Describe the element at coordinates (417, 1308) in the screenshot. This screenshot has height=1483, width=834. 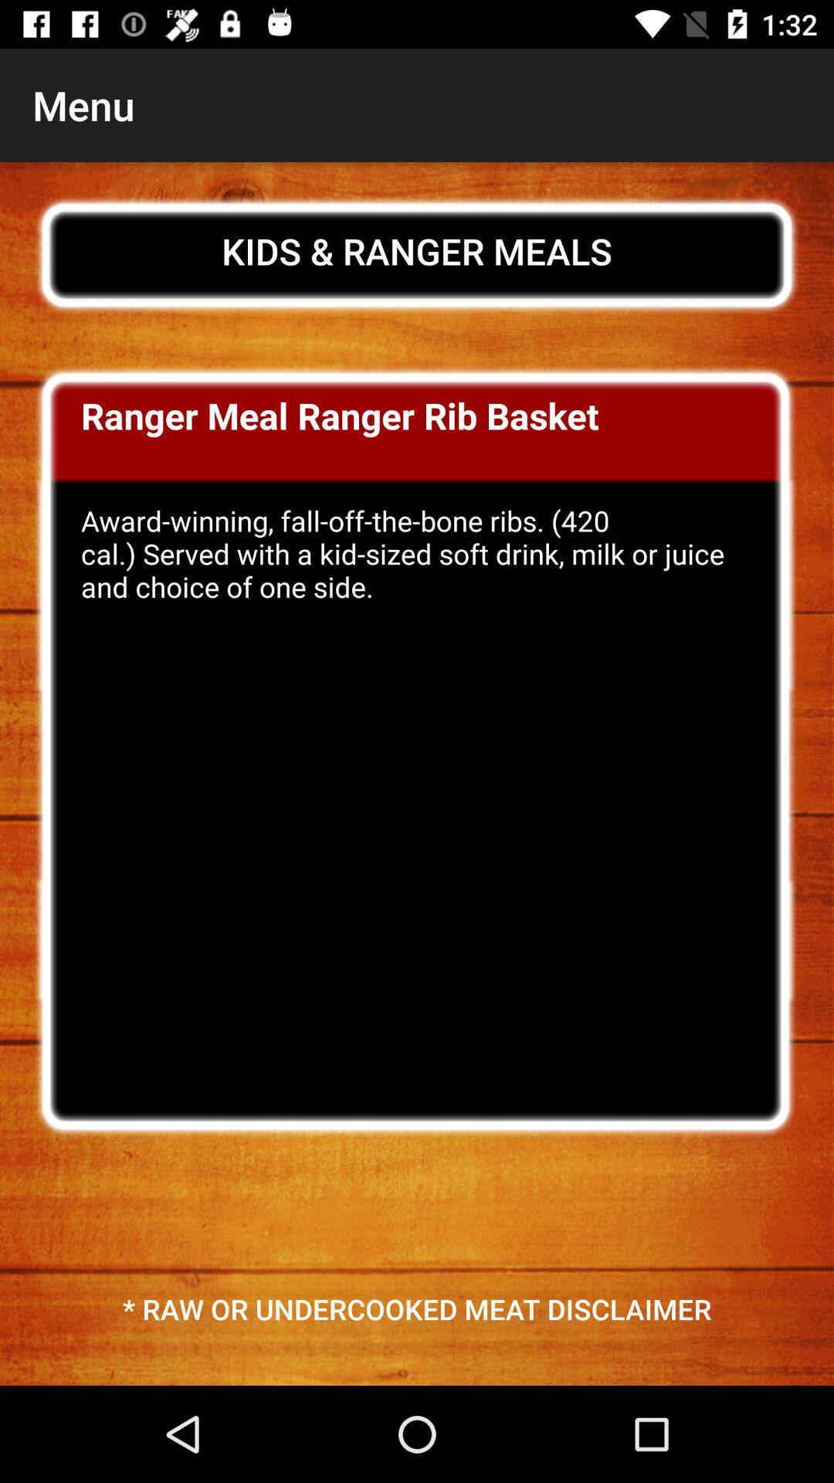
I see `app below award winning fall icon` at that location.